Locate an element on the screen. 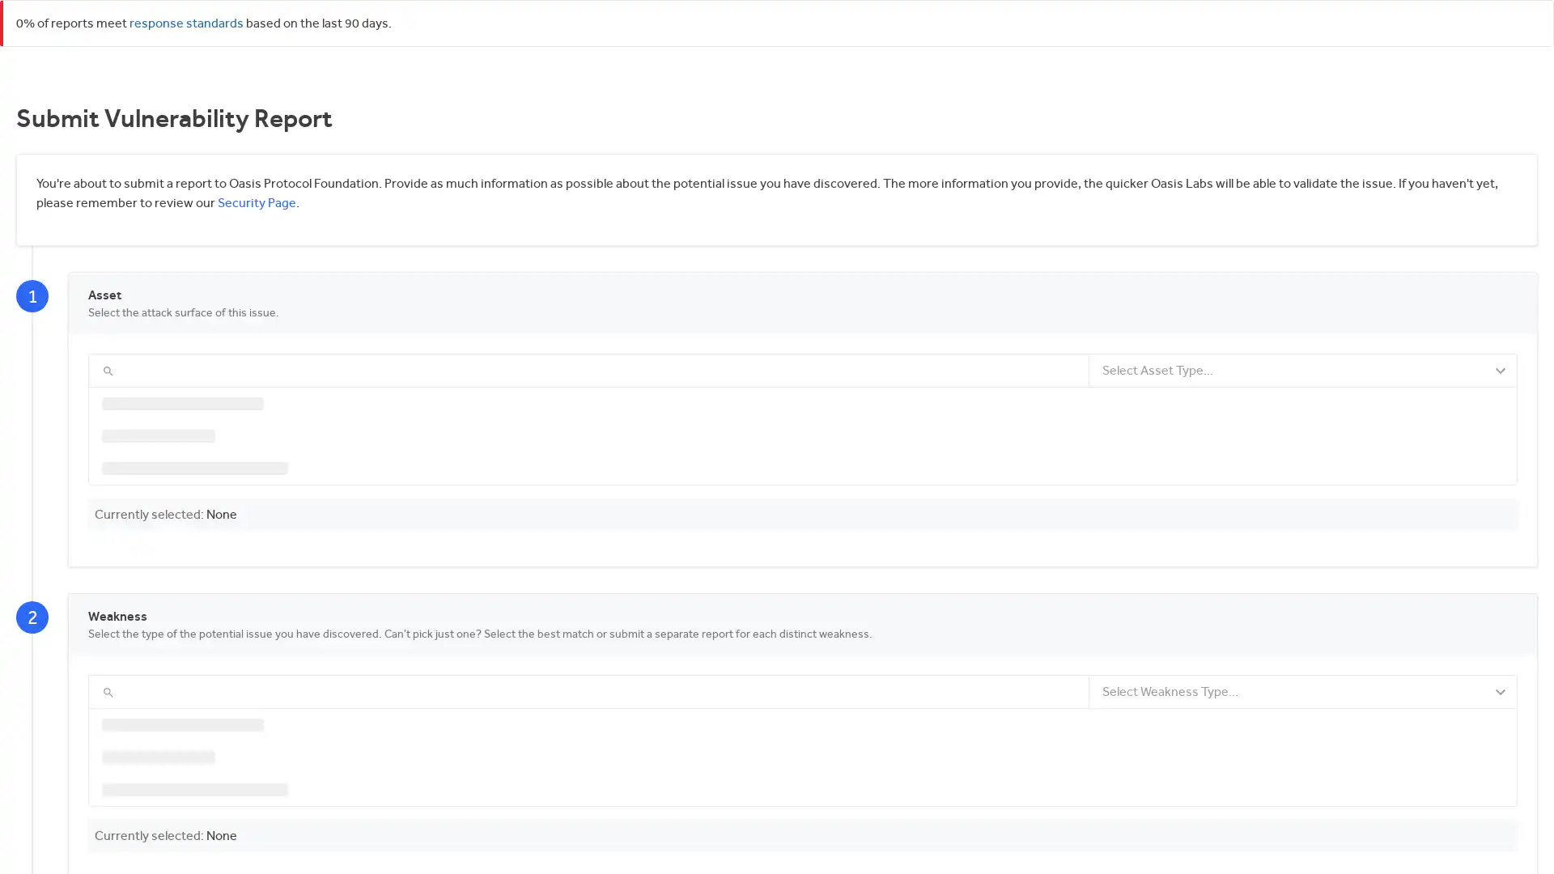 This screenshot has width=1554, height=874. https://github.com/oasisprotocol/oasis-wallet-ext Source codeCriticalEligible for bounty is located at coordinates (803, 726).